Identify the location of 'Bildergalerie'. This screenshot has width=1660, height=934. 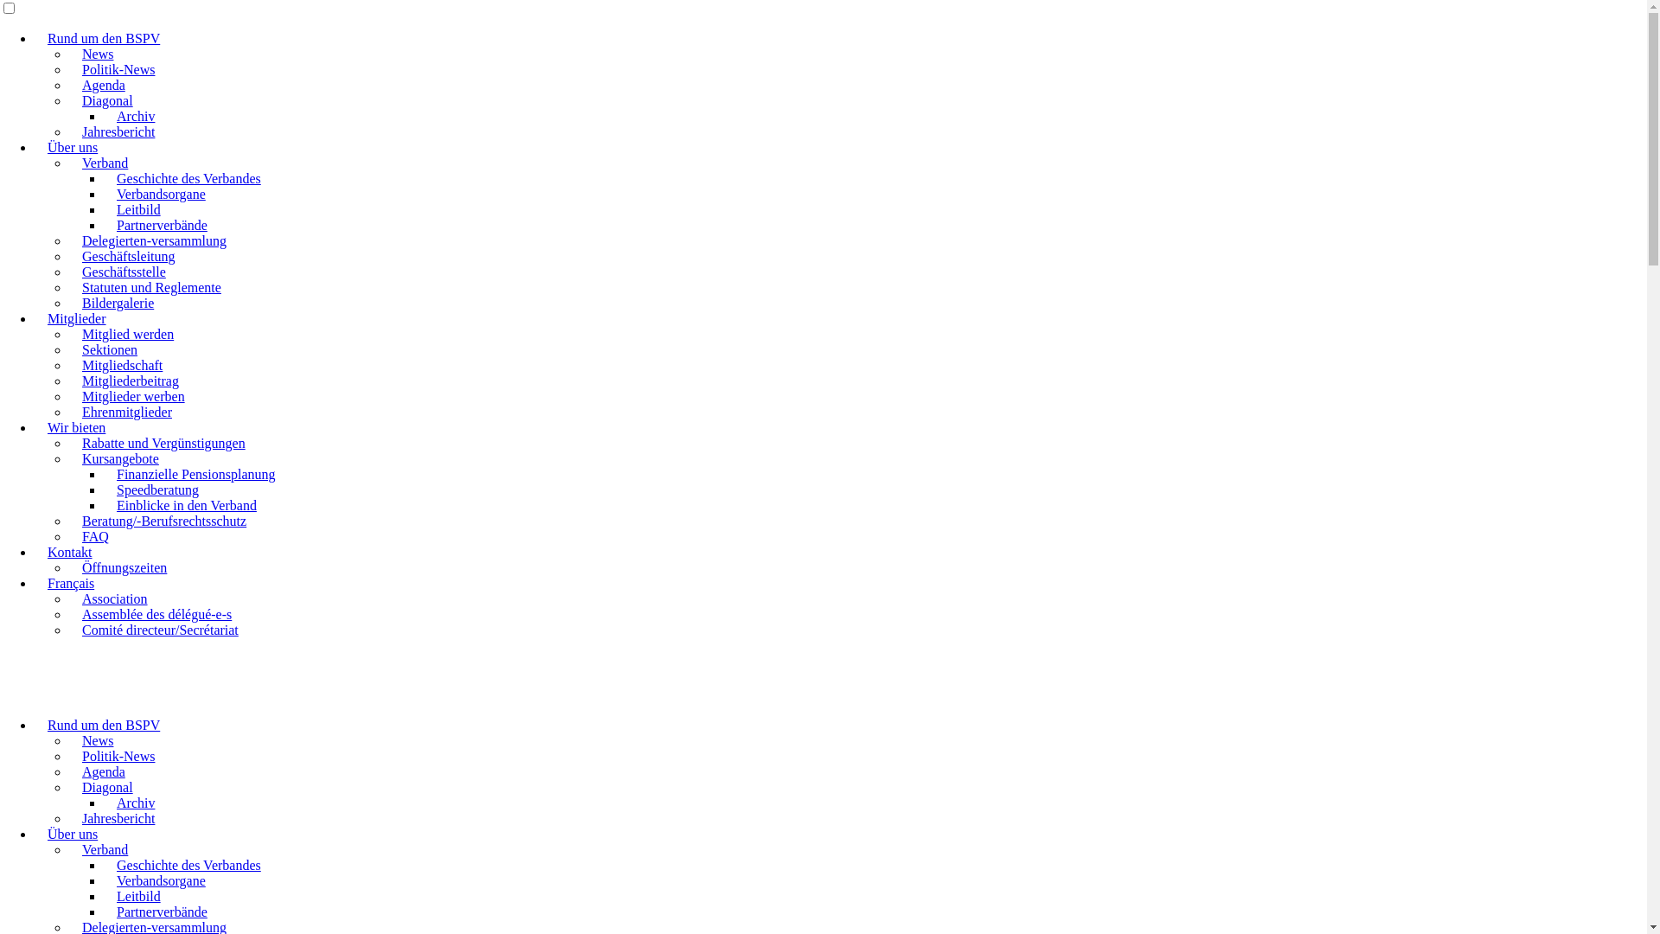
(117, 302).